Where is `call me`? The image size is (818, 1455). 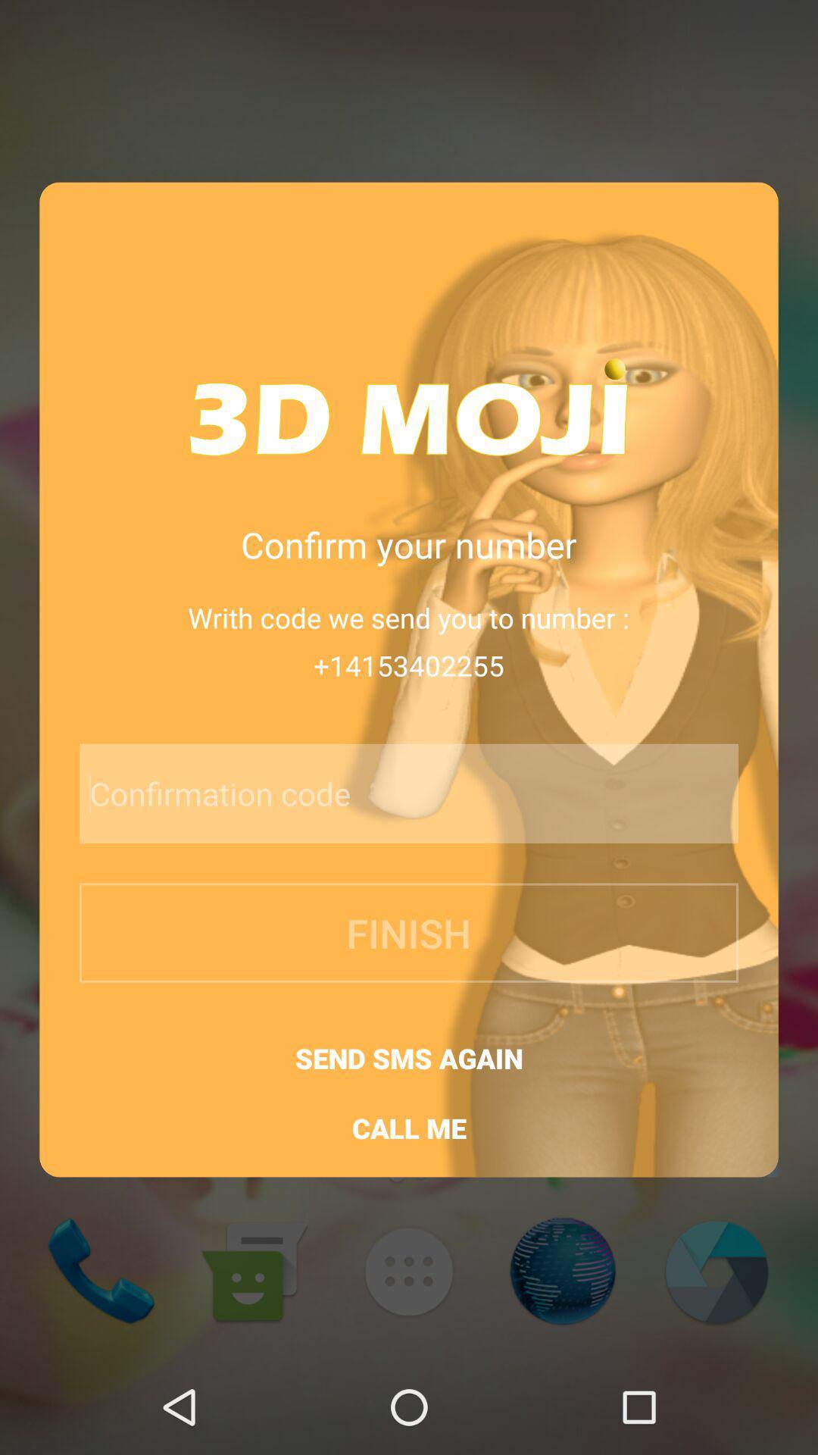
call me is located at coordinates (409, 1128).